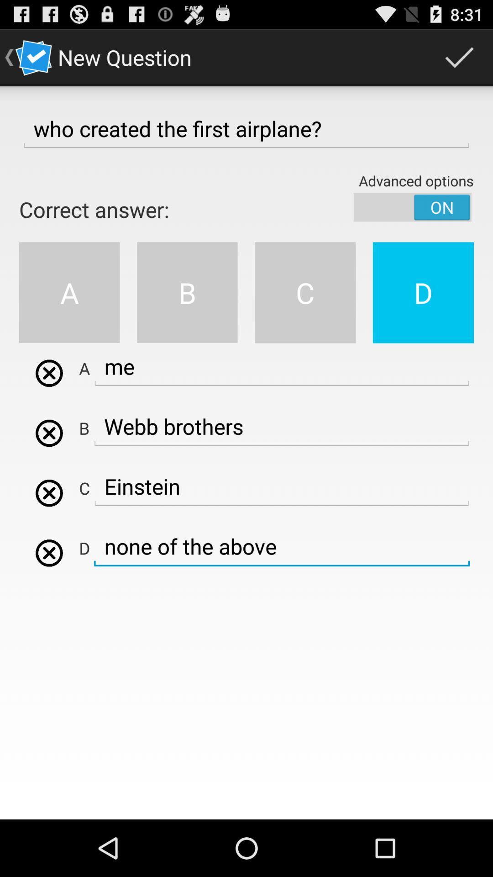 This screenshot has height=877, width=493. Describe the element at coordinates (49, 552) in the screenshot. I see `d` at that location.